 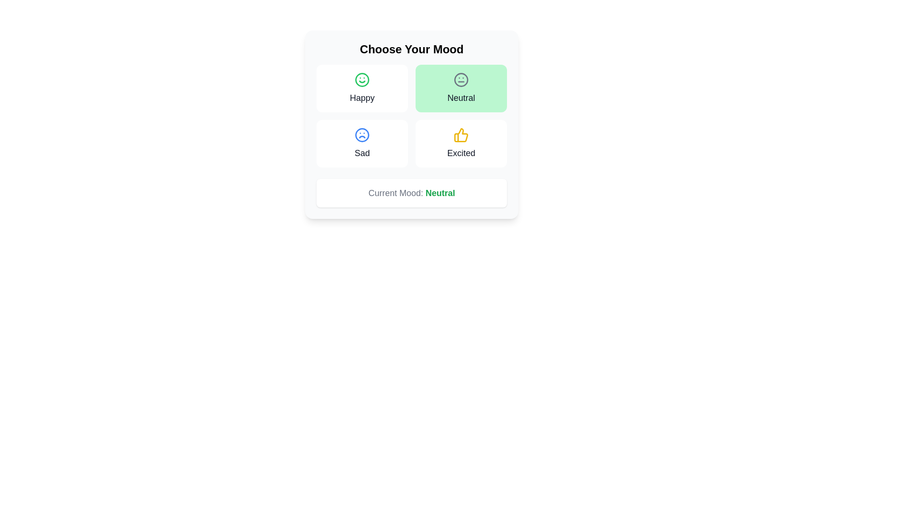 I want to click on the outermost circular outline of the sad emoji, which is a blue circular outline located in the second row, first column of the 'Choose Your Mood' UI section, so click(x=362, y=135).